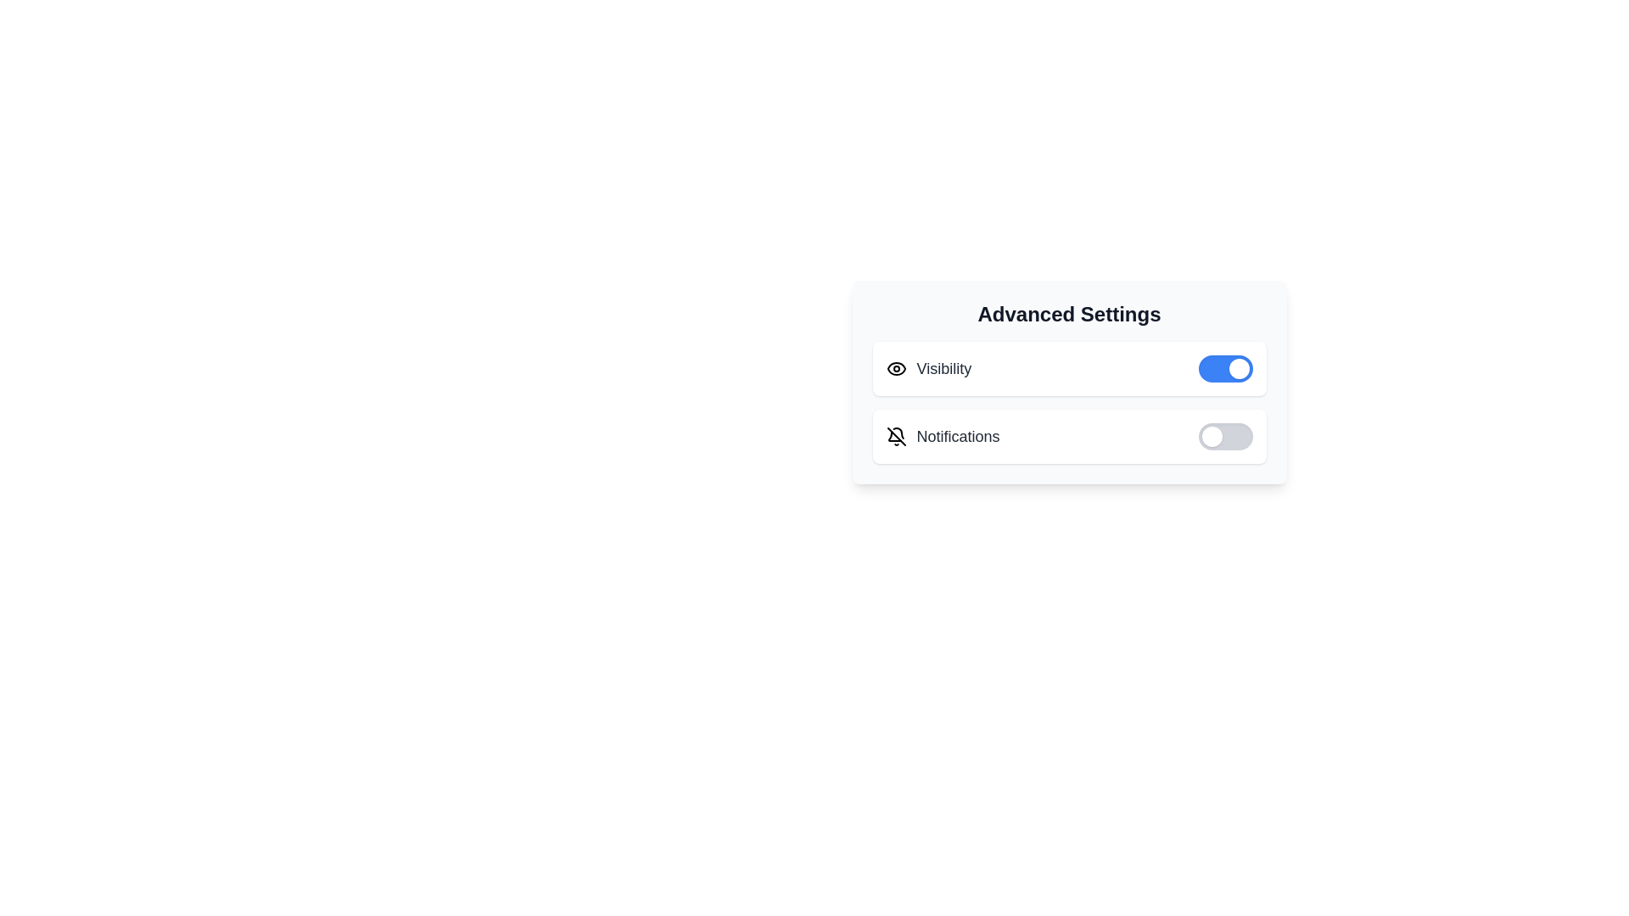 The height and width of the screenshot is (916, 1629). I want to click on the 'Advanced Settings' title text located at the top of the panel, so click(1068, 314).